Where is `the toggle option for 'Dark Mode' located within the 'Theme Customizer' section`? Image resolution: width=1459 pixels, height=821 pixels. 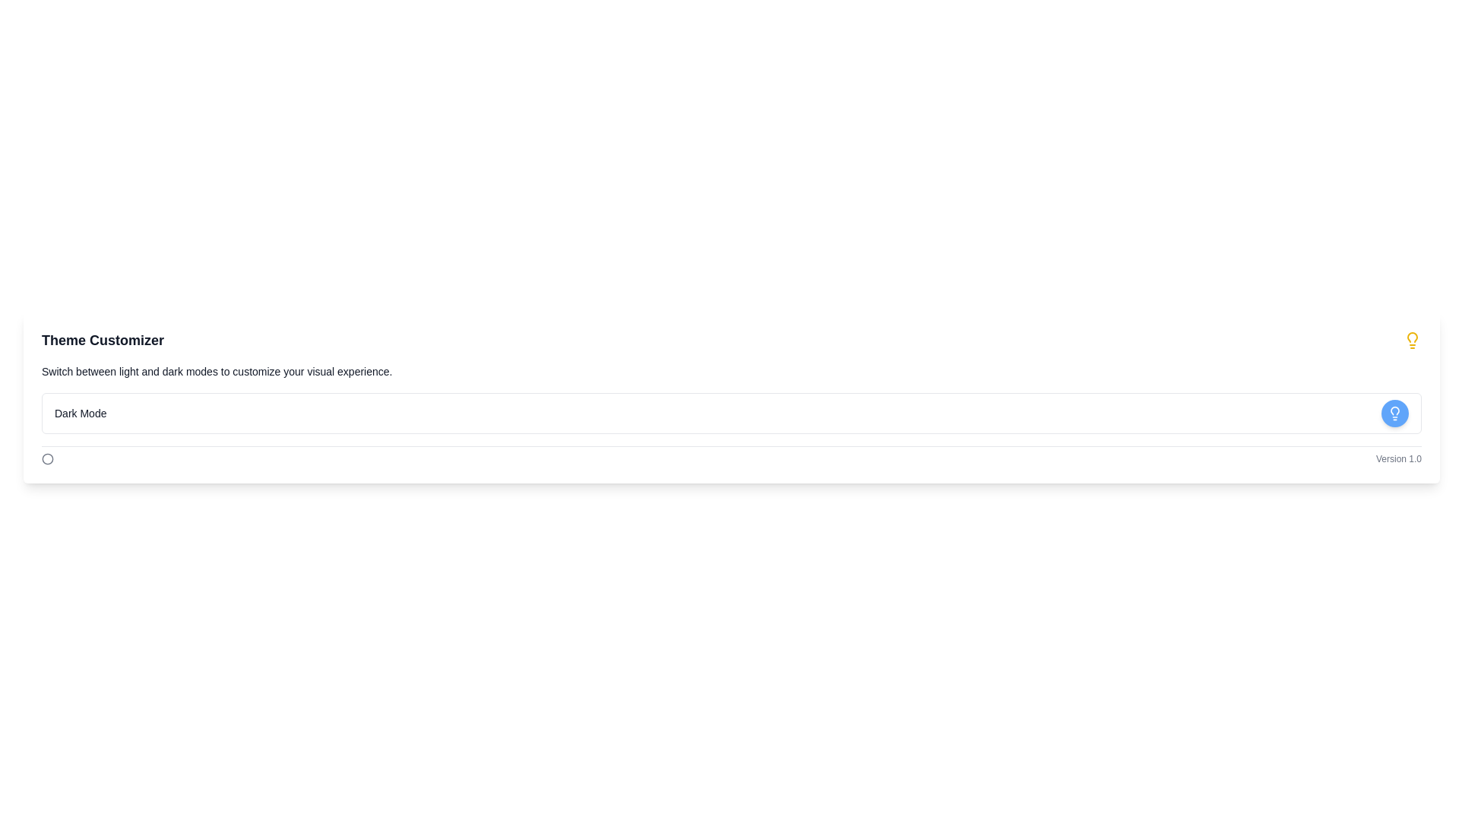 the toggle option for 'Dark Mode' located within the 'Theme Customizer' section is located at coordinates (732, 413).